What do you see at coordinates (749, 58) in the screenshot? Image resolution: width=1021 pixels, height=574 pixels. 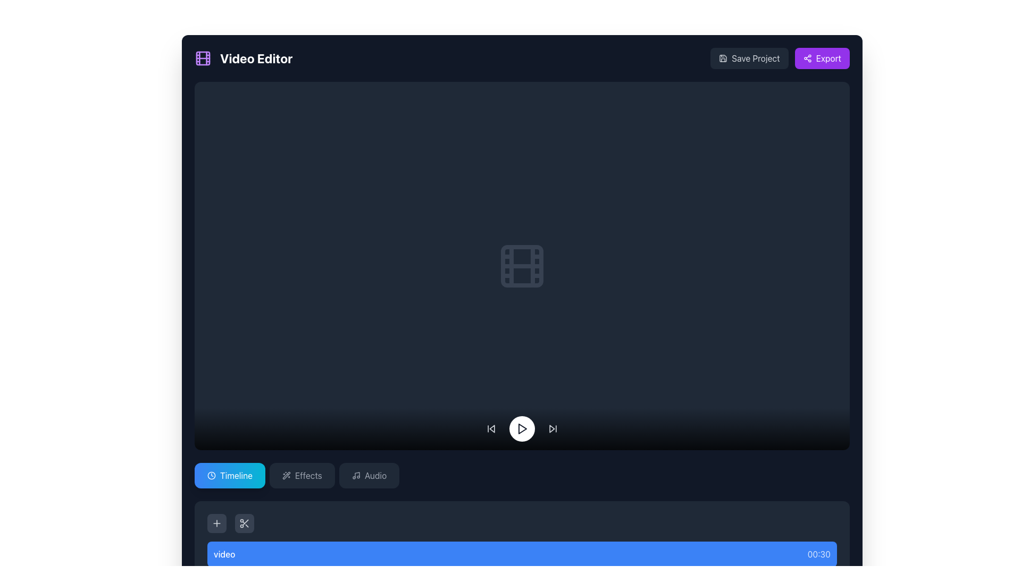 I see `the save button located at the top-right corner of the interface` at bounding box center [749, 58].